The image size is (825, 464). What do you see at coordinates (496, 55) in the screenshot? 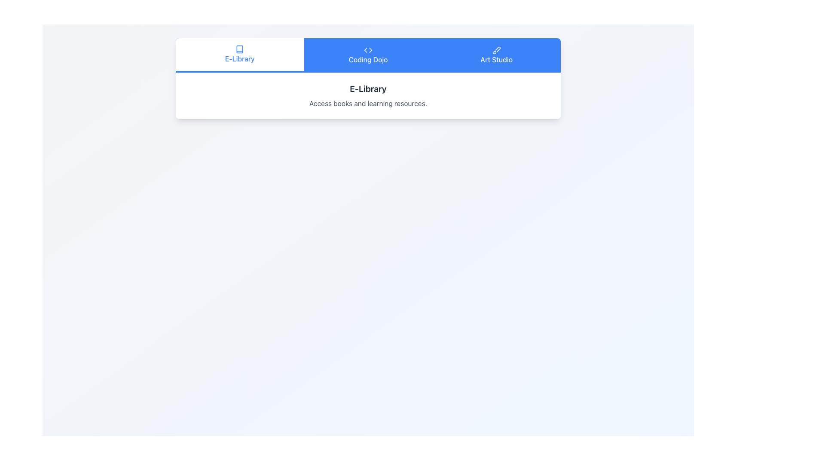
I see `the last menu item in the header, which leads to the 'Art Studio' section` at bounding box center [496, 55].